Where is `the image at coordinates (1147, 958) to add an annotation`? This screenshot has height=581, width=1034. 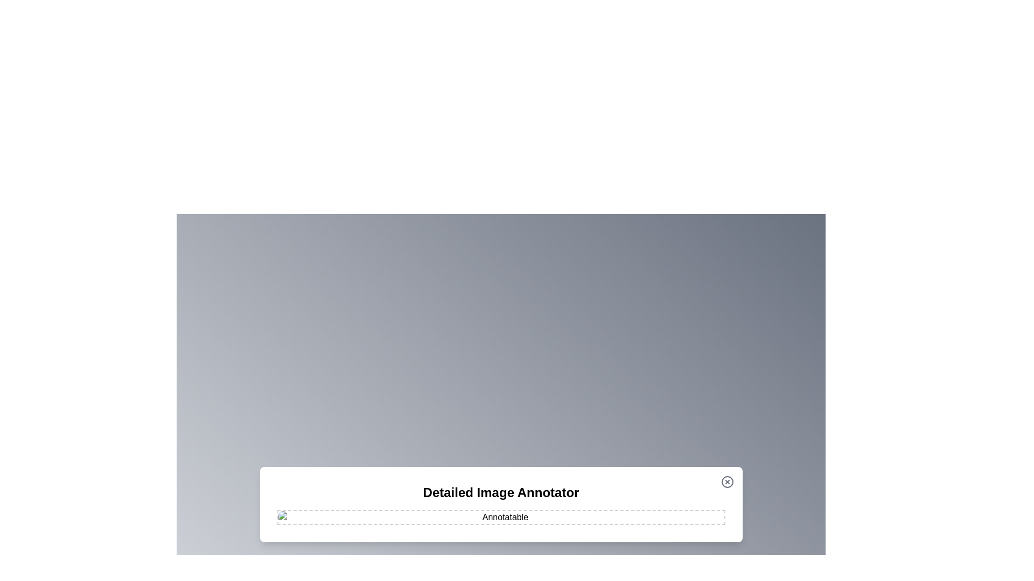 the image at coordinates (1147, 958) to add an annotation is located at coordinates (618, 514).